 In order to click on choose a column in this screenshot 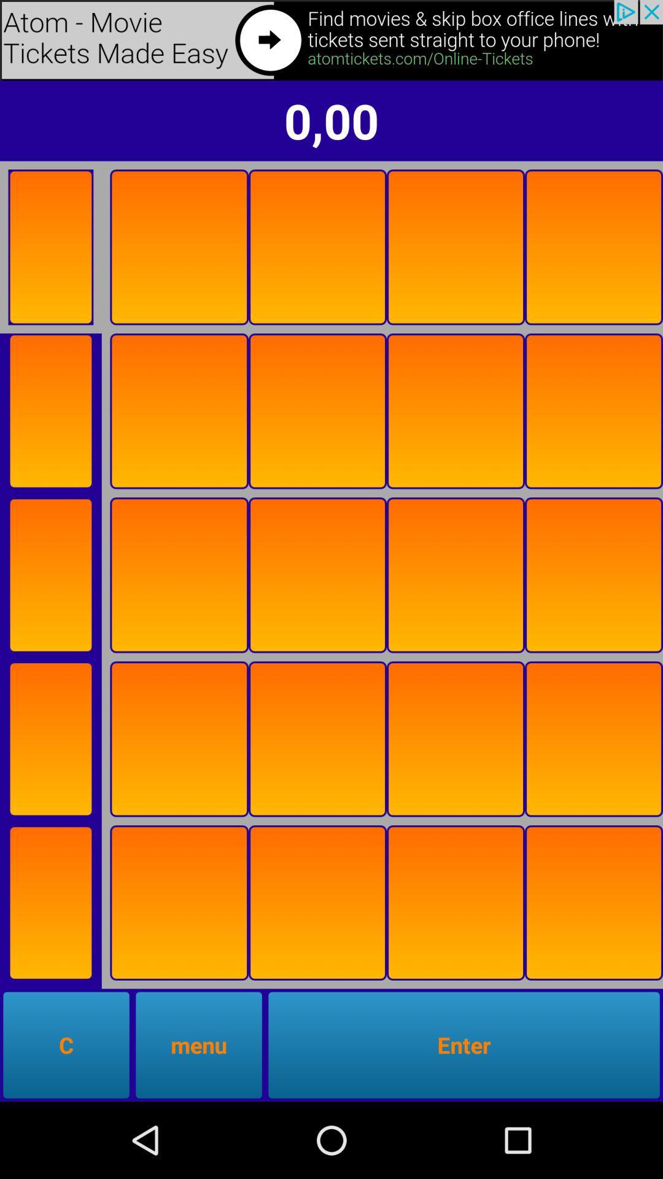, I will do `click(593, 903)`.